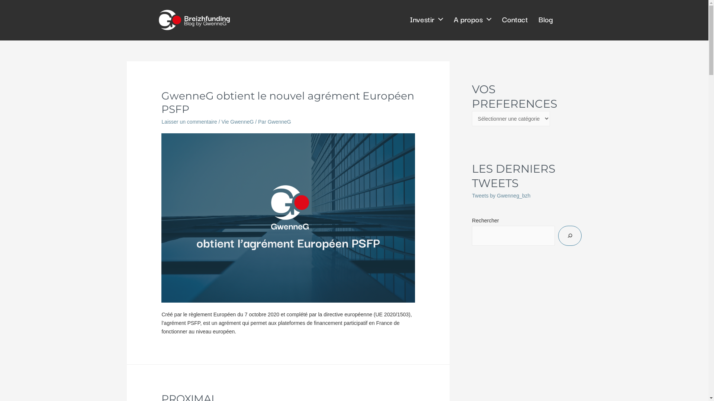 This screenshot has height=401, width=714. Describe the element at coordinates (471, 195) in the screenshot. I see `'Tweets by Gwenneg_bzh'` at that location.